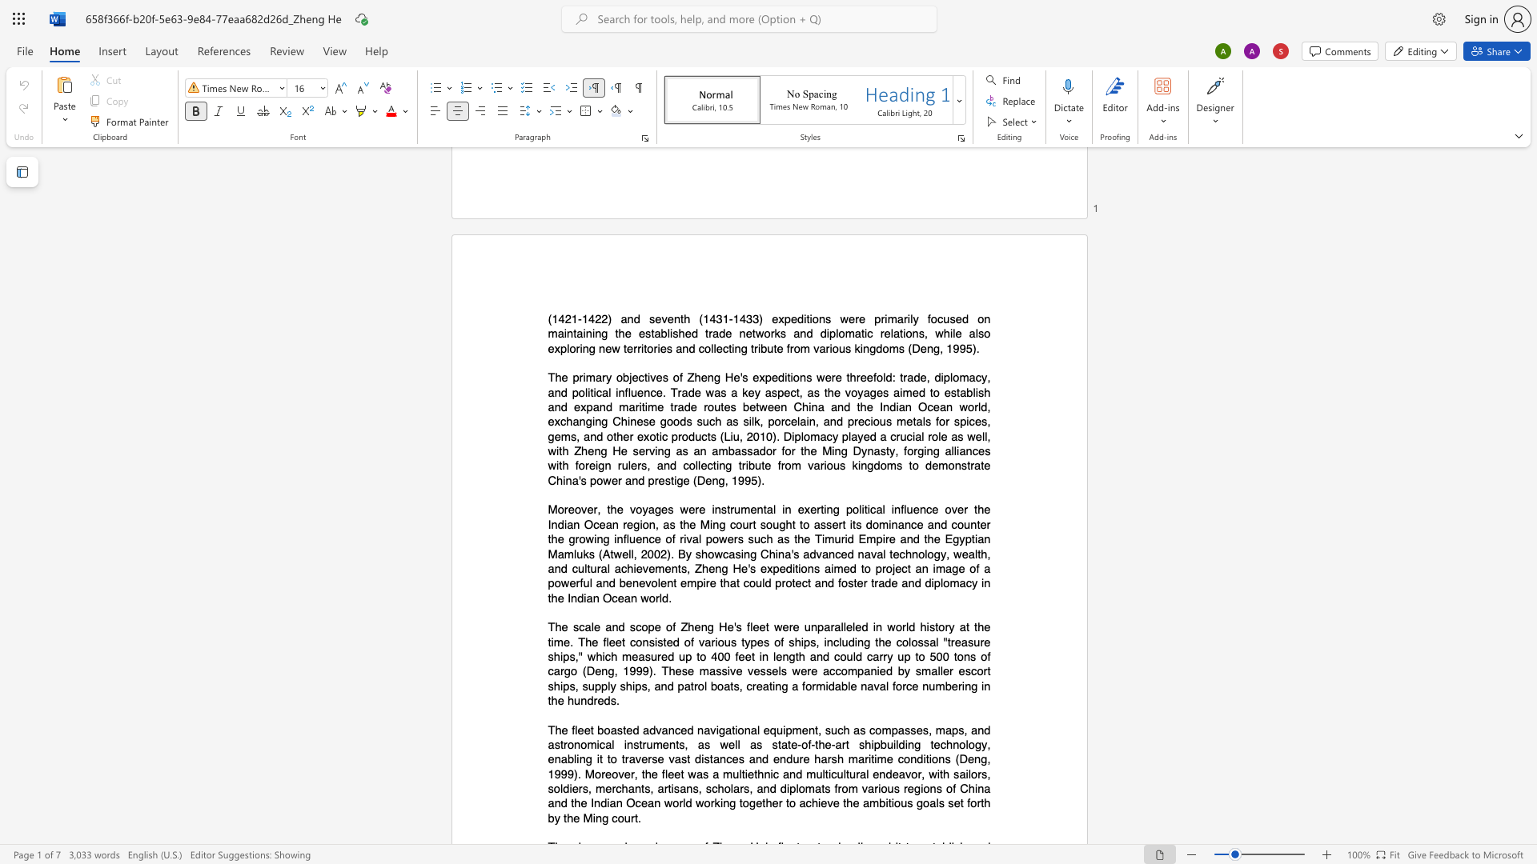 The width and height of the screenshot is (1537, 864). What do you see at coordinates (853, 583) in the screenshot?
I see `the subset text "ter tr" within the text "China"` at bounding box center [853, 583].